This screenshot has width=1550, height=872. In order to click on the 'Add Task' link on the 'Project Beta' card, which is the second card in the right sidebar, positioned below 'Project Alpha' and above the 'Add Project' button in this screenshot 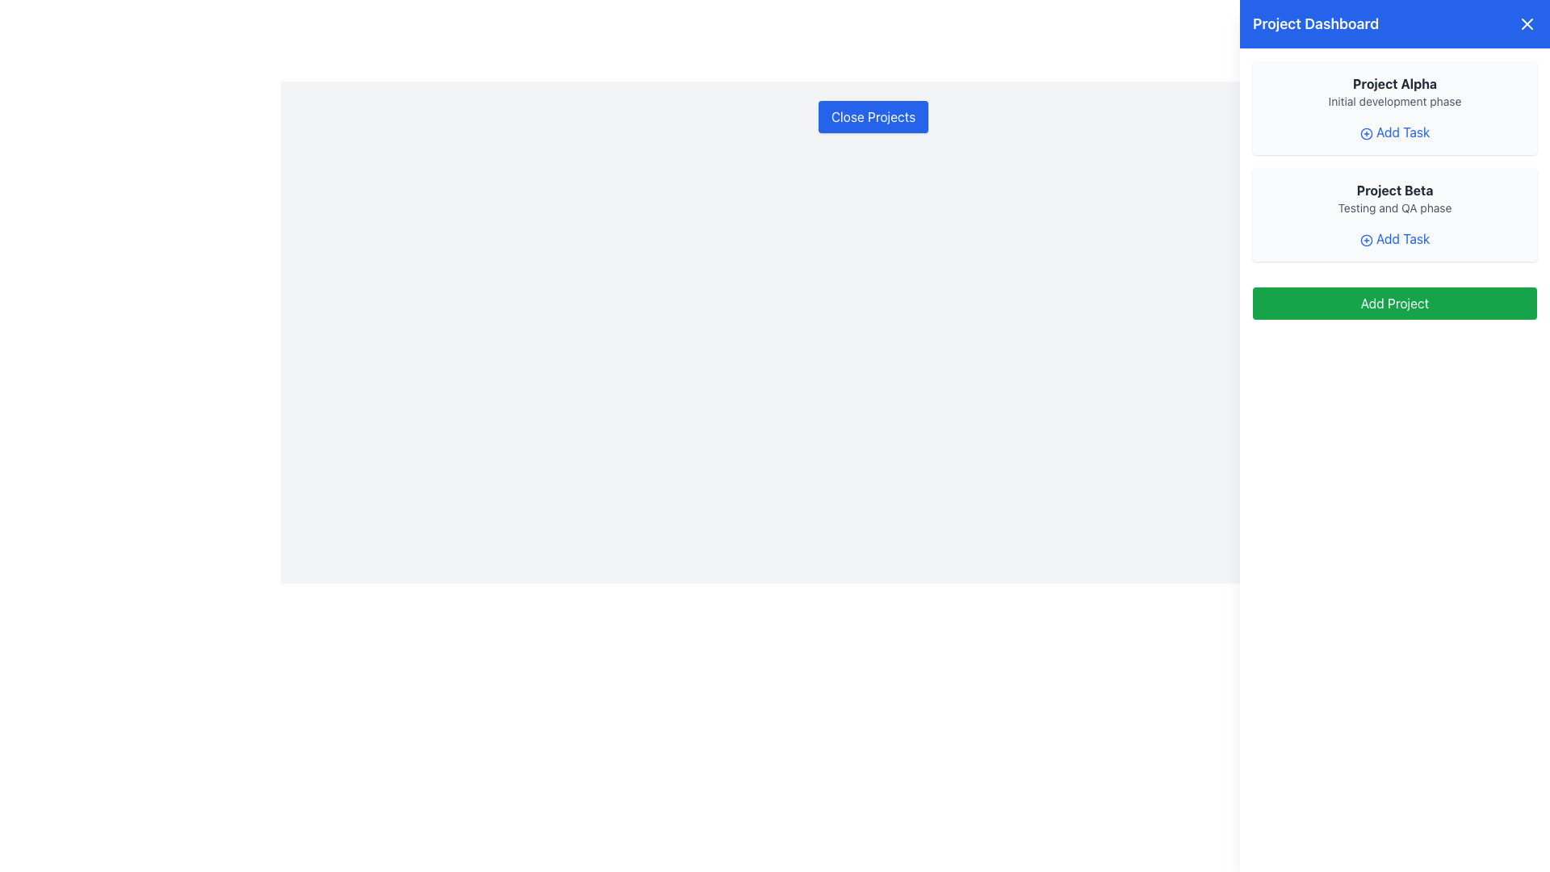, I will do `click(1394, 214)`.